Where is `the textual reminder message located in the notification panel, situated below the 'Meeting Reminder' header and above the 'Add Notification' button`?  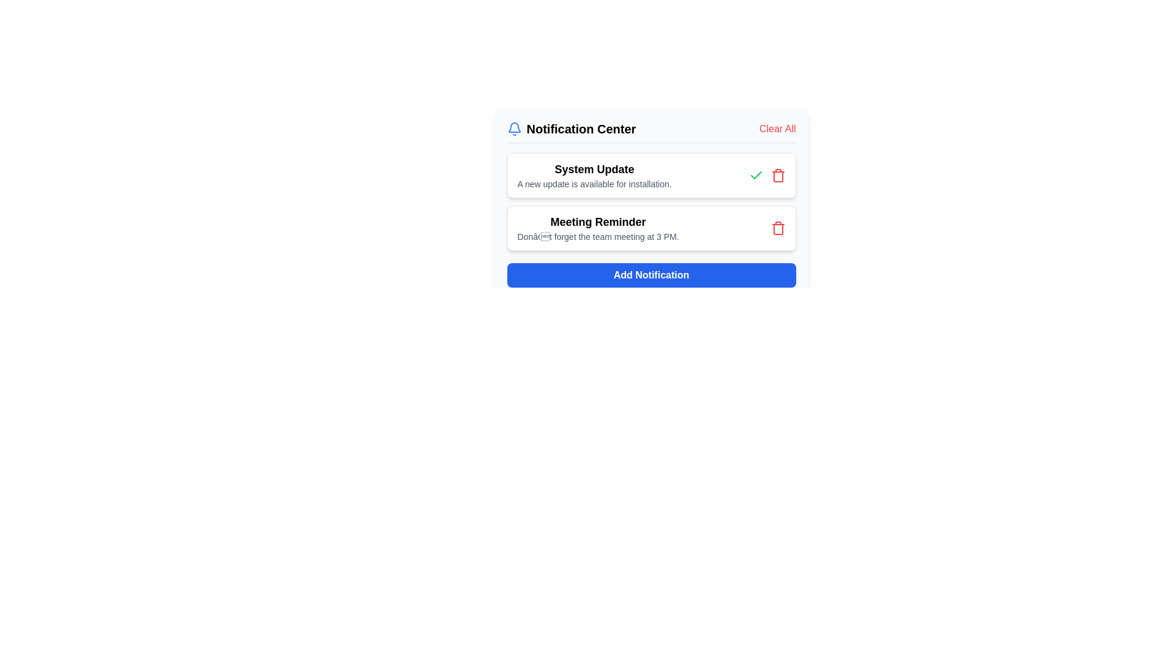 the textual reminder message located in the notification panel, situated below the 'Meeting Reminder' header and above the 'Add Notification' button is located at coordinates (598, 236).